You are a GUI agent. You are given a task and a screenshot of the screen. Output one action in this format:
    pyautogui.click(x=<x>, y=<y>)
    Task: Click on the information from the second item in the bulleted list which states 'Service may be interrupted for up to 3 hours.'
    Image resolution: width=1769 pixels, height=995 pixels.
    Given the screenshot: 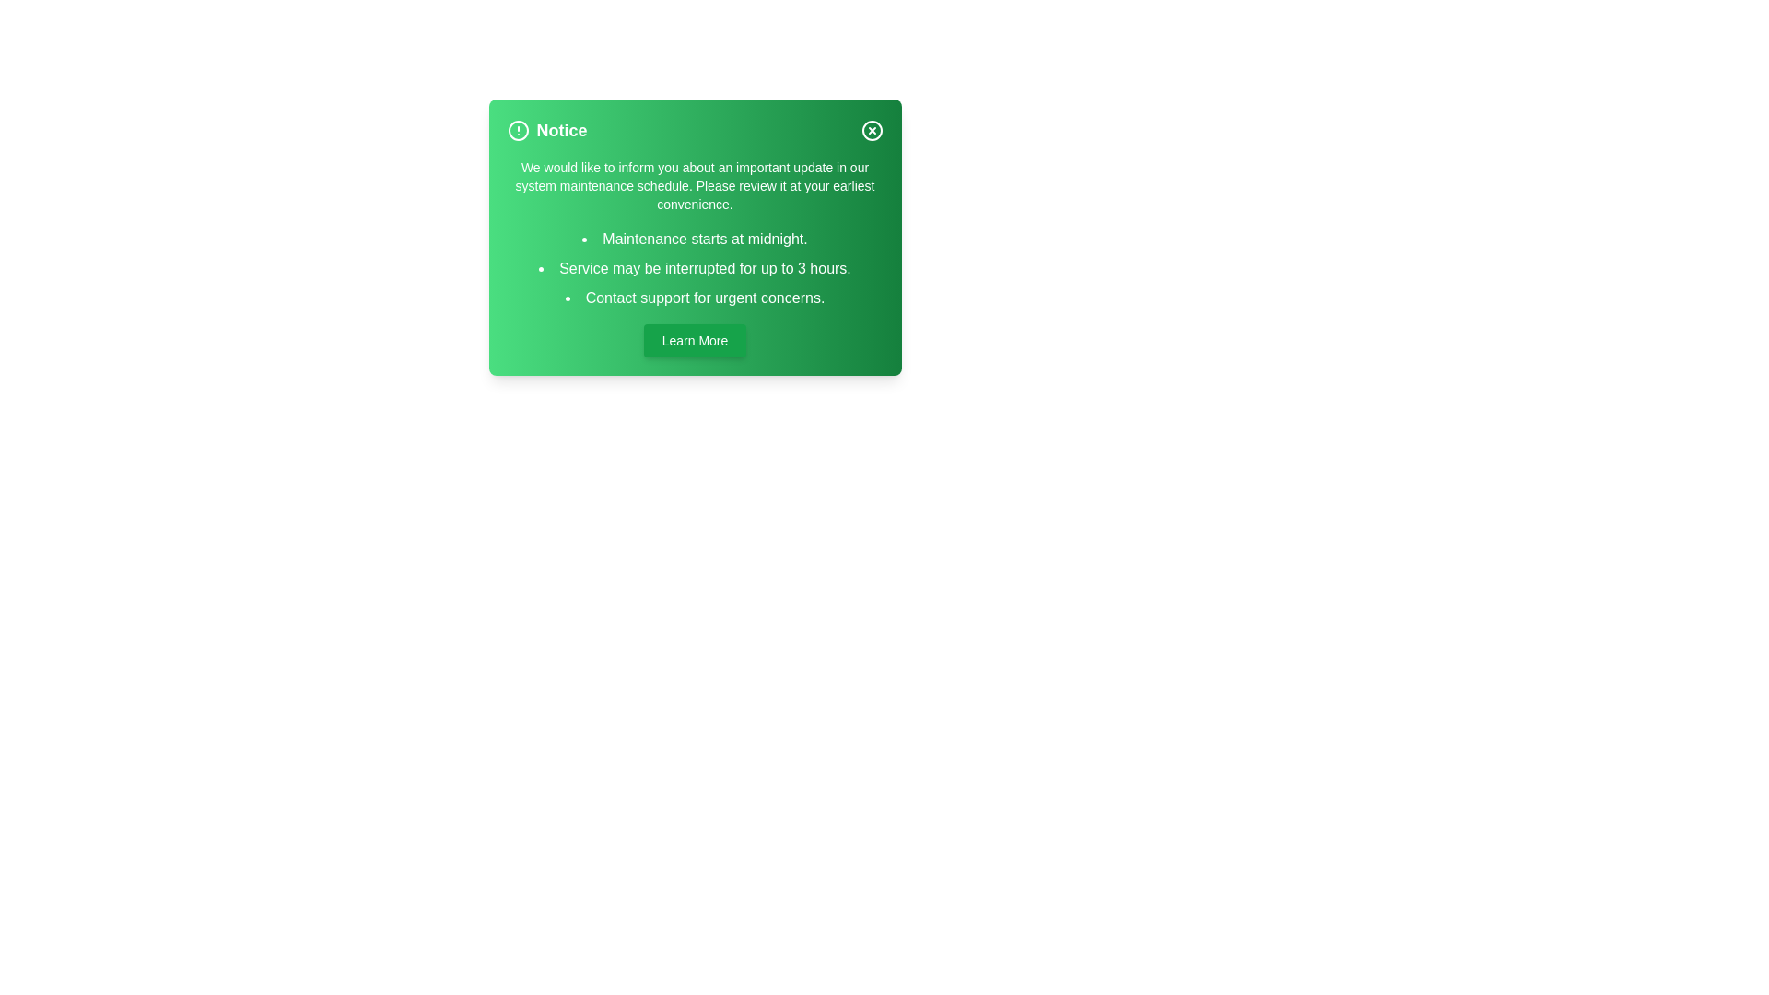 What is the action you would take?
    pyautogui.click(x=694, y=269)
    